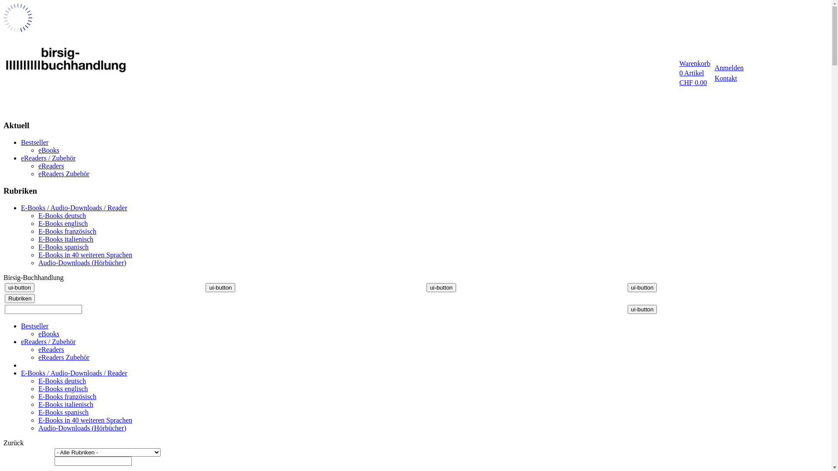 The image size is (838, 471). Describe the element at coordinates (694, 73) in the screenshot. I see `'Warenkorb` at that location.